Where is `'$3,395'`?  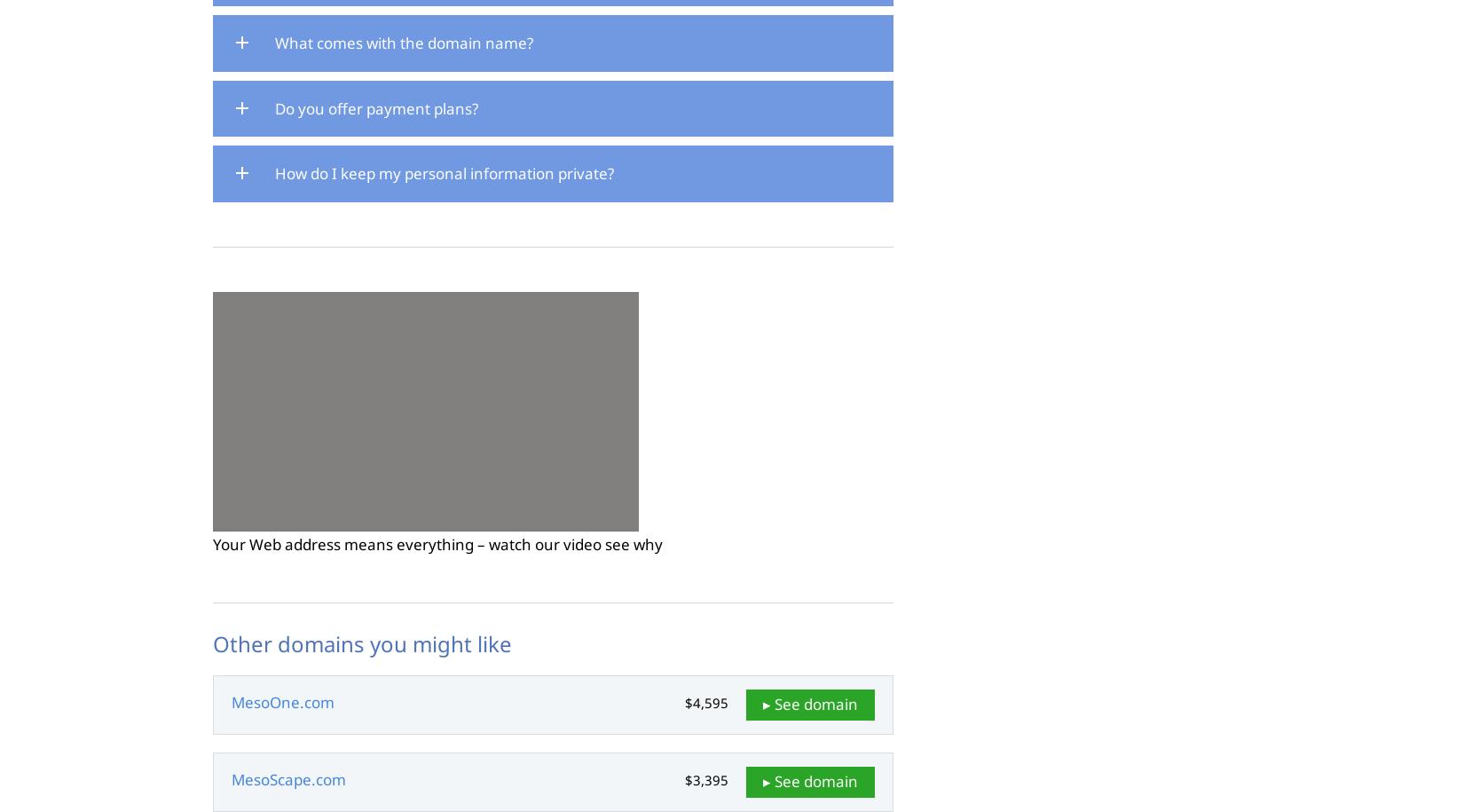 '$3,395' is located at coordinates (705, 779).